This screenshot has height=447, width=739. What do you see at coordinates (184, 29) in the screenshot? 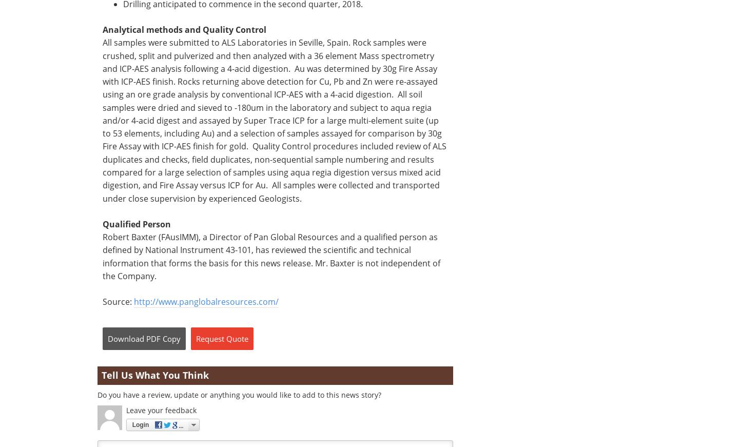
I see `'Analytical methods and Quality Control'` at bounding box center [184, 29].